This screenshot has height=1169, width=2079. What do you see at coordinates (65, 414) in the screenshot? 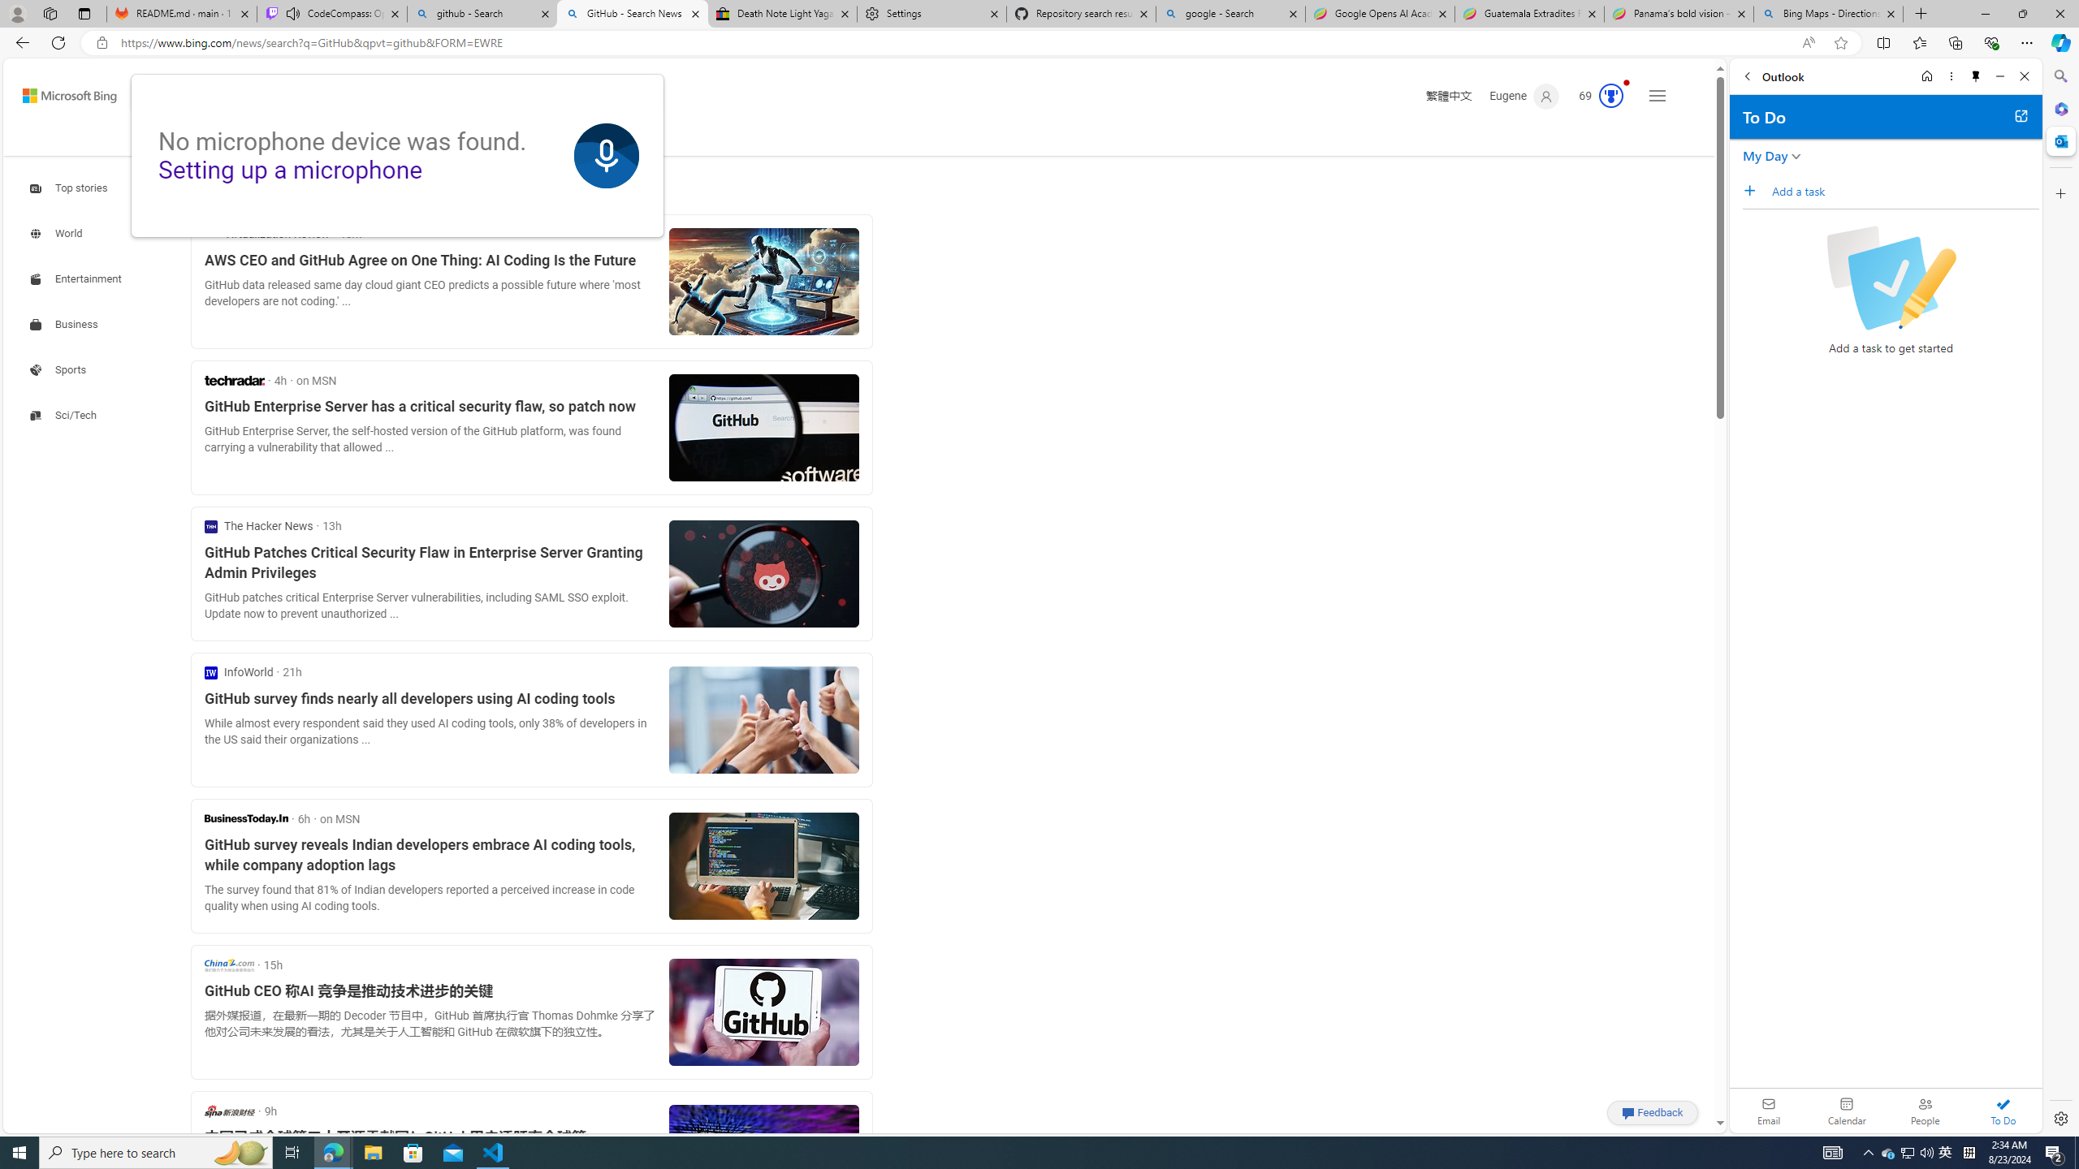
I see `'Search news about Sci/Tech'` at bounding box center [65, 414].